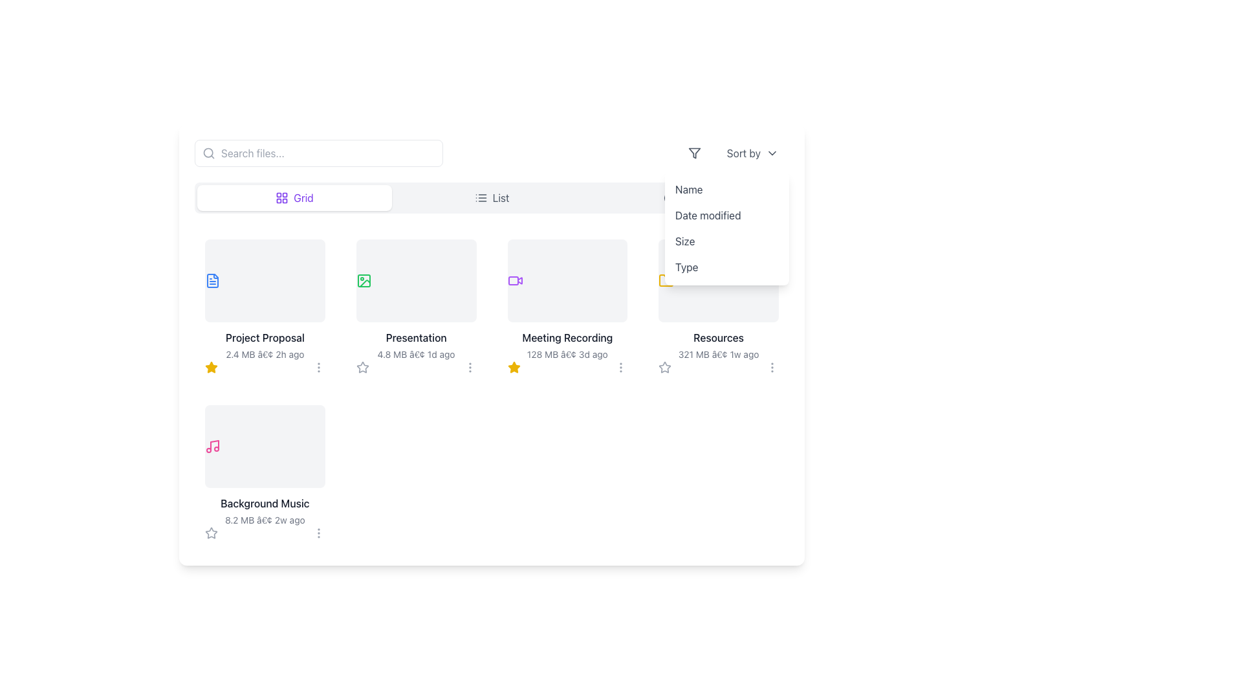 Image resolution: width=1242 pixels, height=699 pixels. Describe the element at coordinates (718, 337) in the screenshot. I see `the text label that identifies the 'Resources' item, positioned above its metadata in the bottom row of the file items grid layout` at that location.